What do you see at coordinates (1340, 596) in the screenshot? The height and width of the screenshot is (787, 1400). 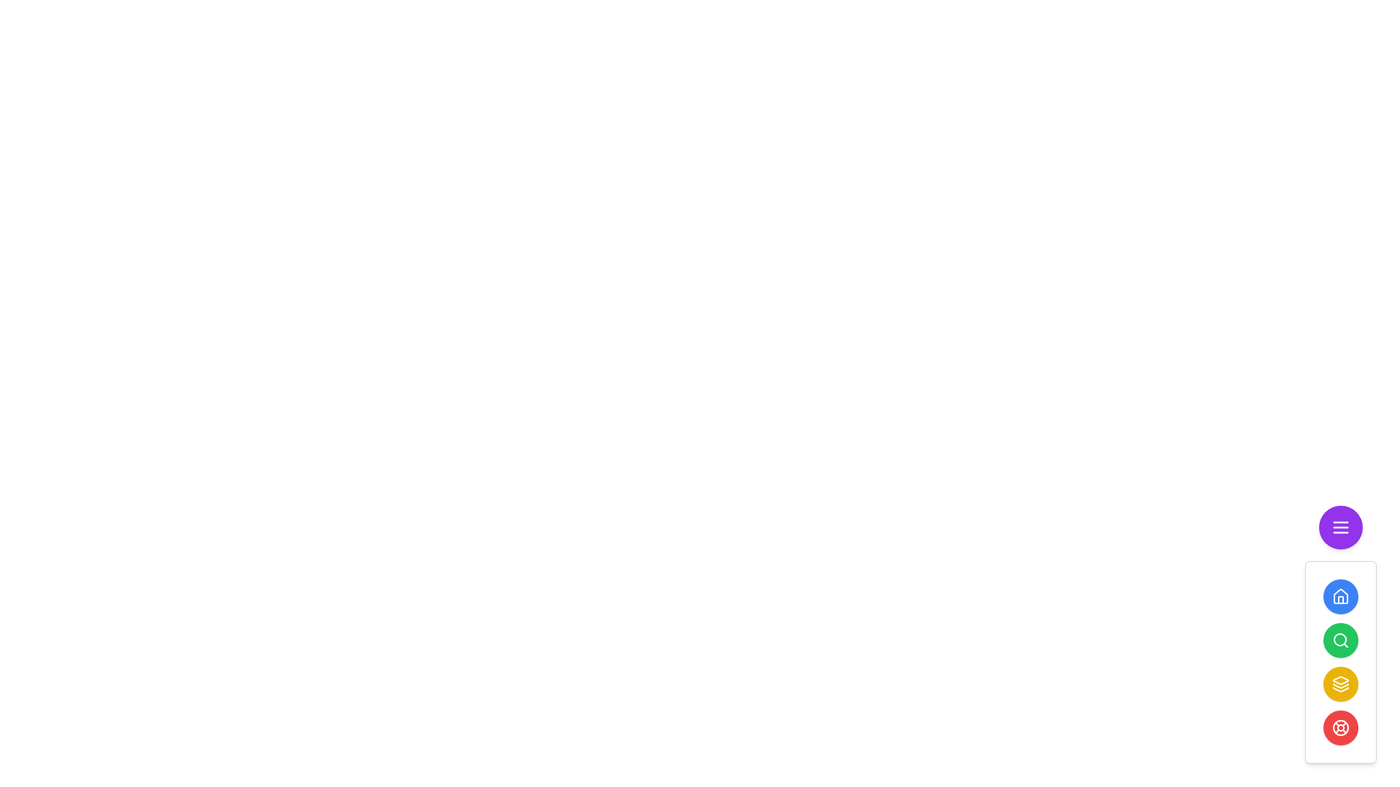 I see `the top circular button with a house icon` at bounding box center [1340, 596].